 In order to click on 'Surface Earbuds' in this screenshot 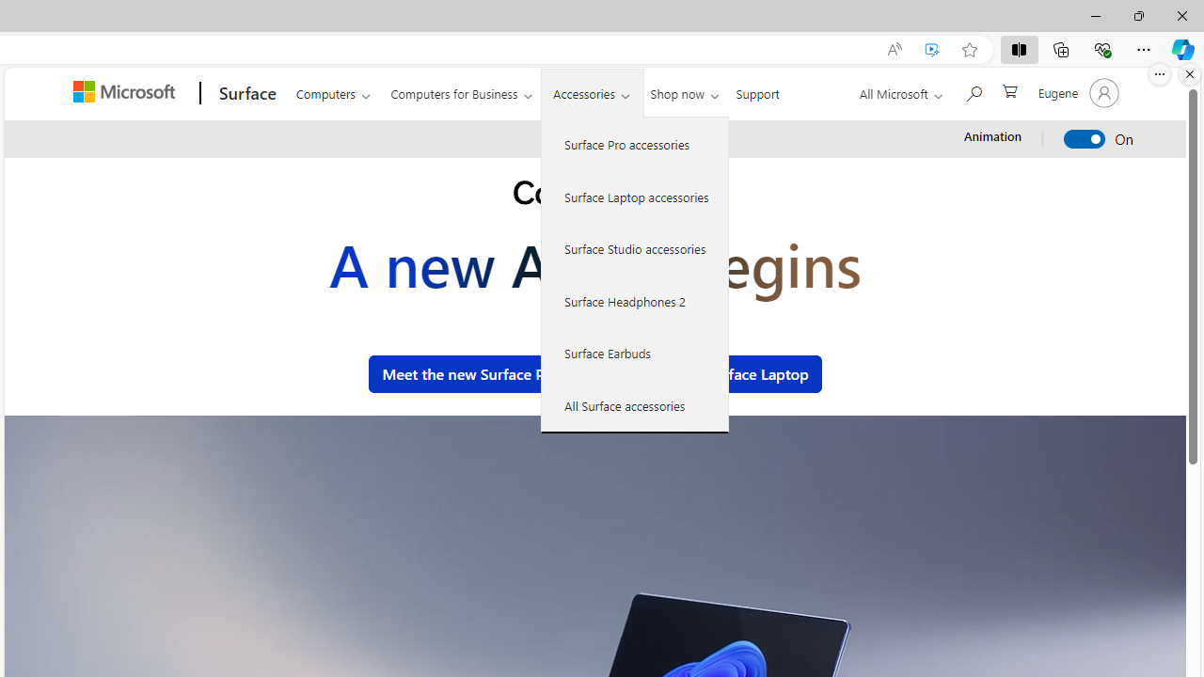, I will do `click(635, 353)`.